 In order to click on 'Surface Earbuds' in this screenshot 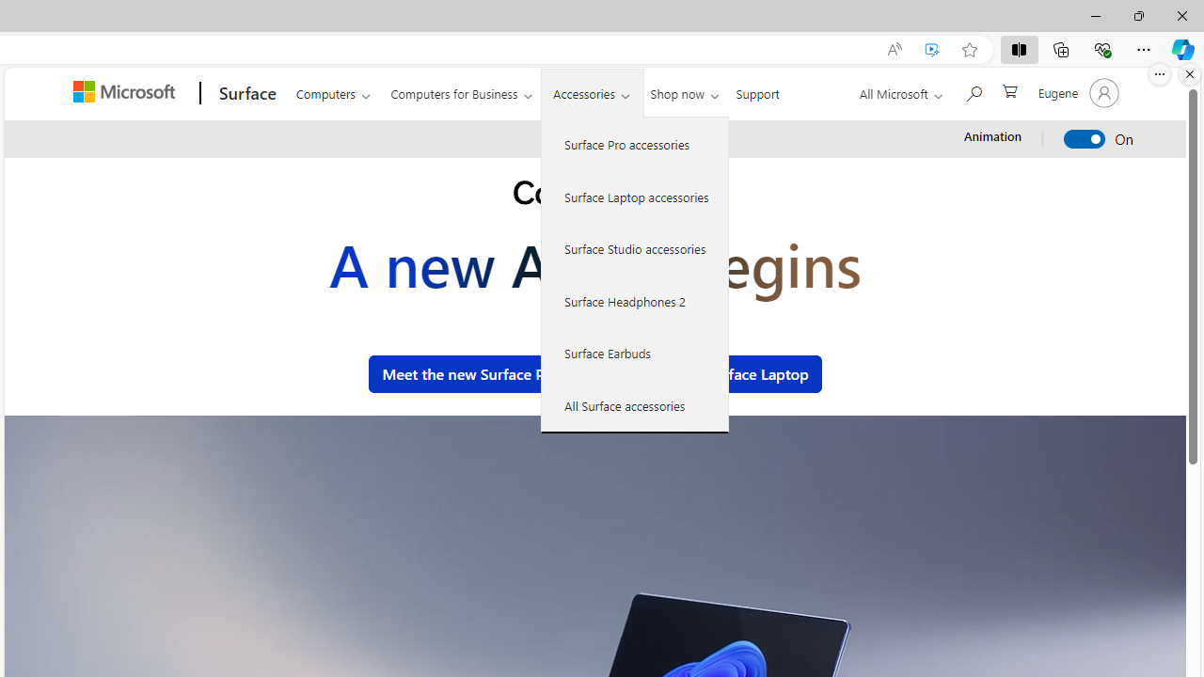, I will do `click(635, 353)`.